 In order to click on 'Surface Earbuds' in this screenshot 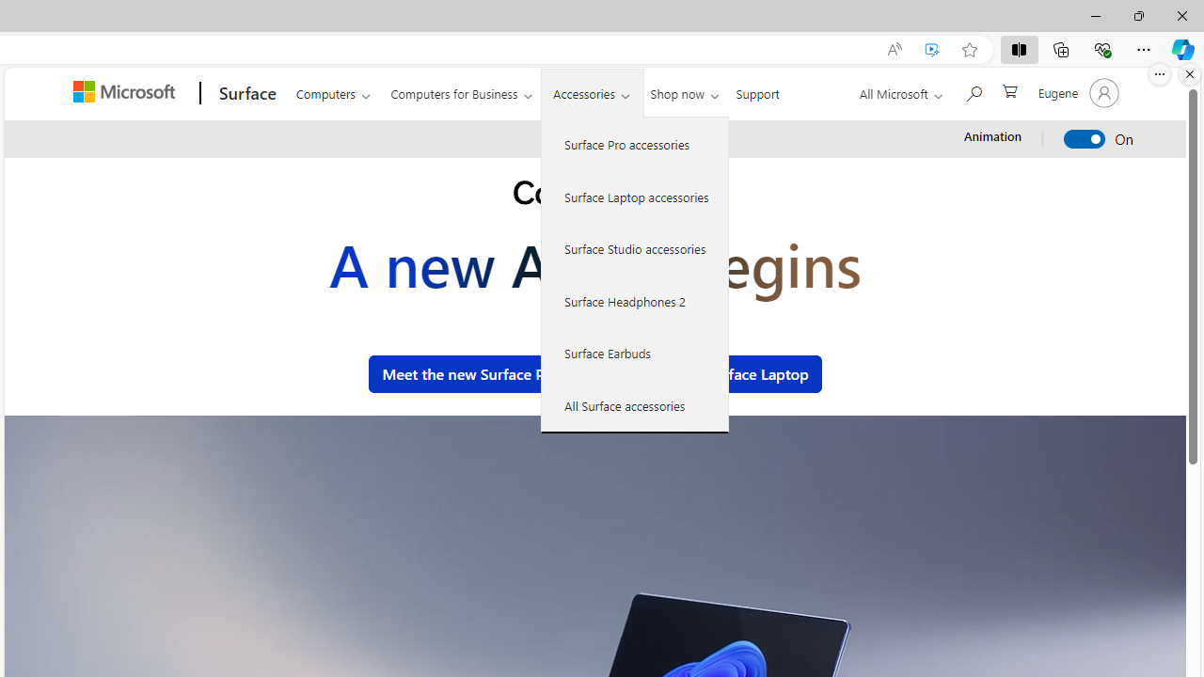, I will do `click(635, 353)`.